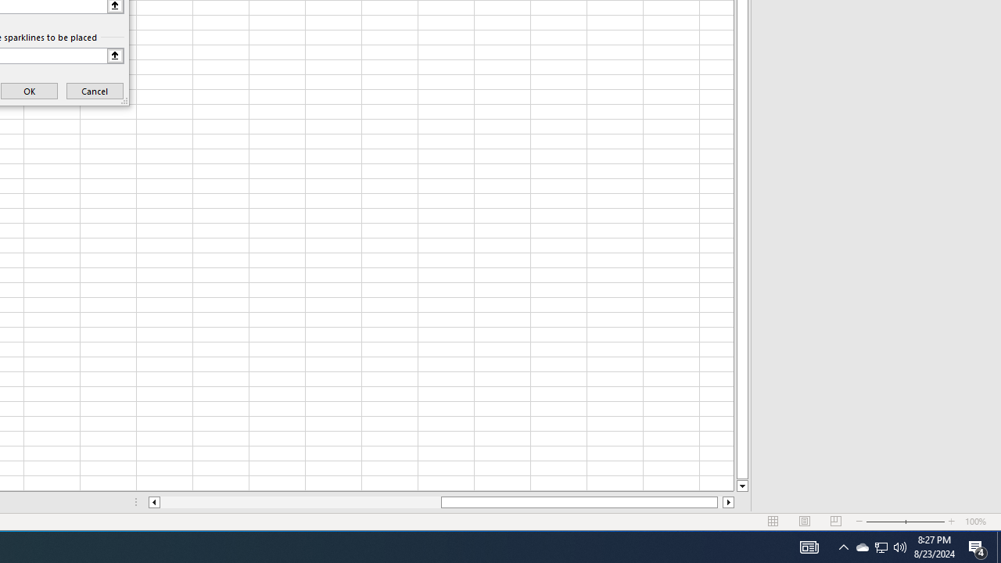 The width and height of the screenshot is (1001, 563). Describe the element at coordinates (300, 502) in the screenshot. I see `'Page left'` at that location.